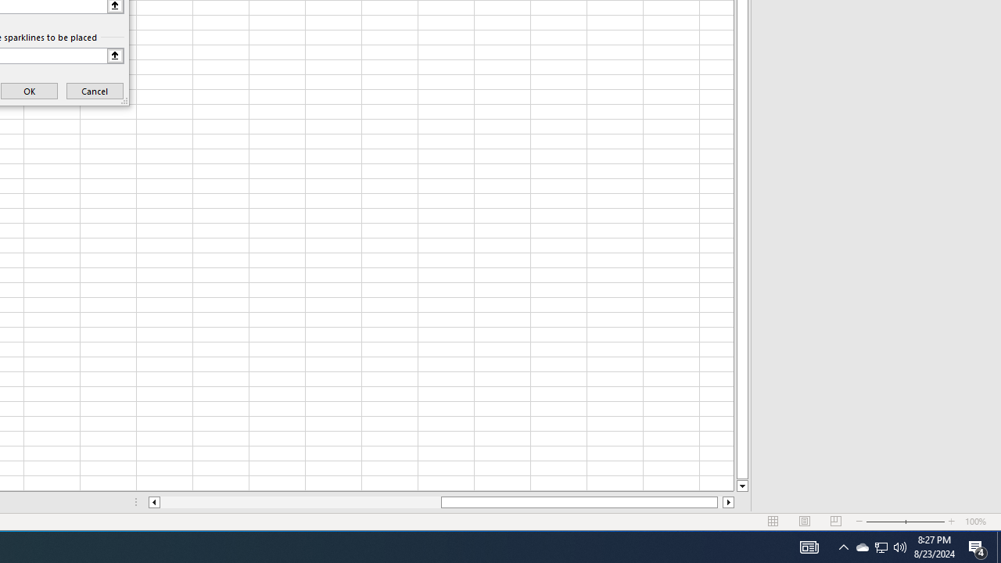 The width and height of the screenshot is (1001, 563). Describe the element at coordinates (300, 502) in the screenshot. I see `'Page left'` at that location.